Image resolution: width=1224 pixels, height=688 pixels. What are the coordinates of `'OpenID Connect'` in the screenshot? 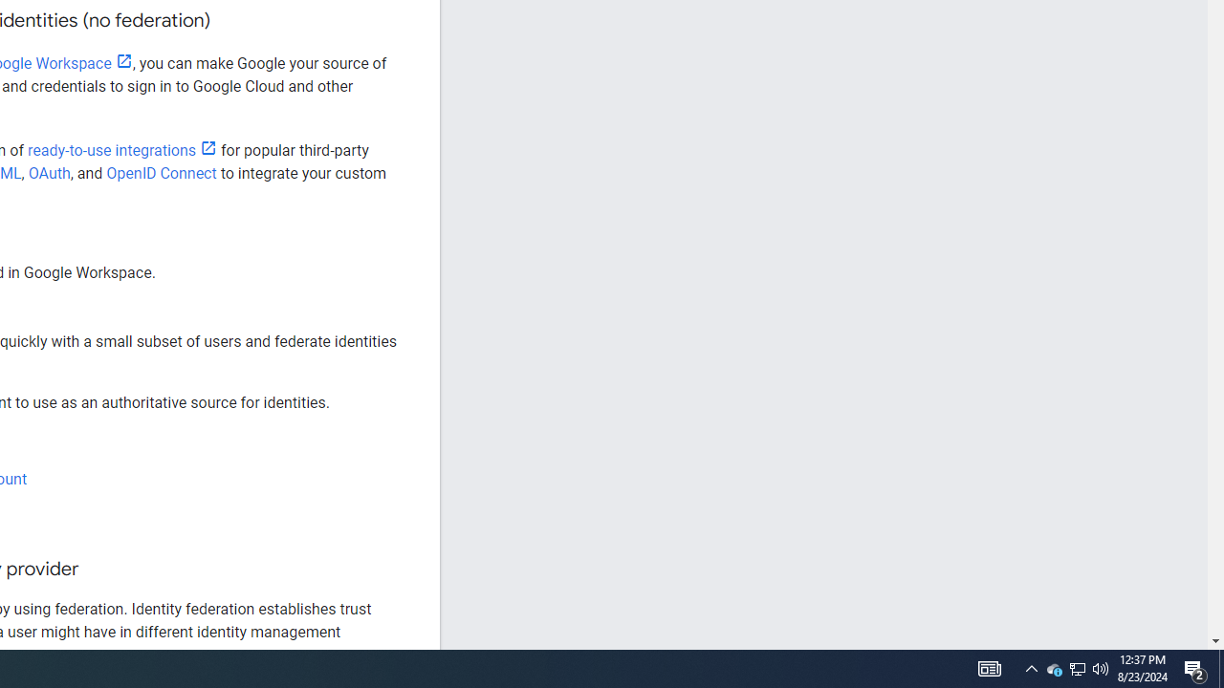 It's located at (161, 173).